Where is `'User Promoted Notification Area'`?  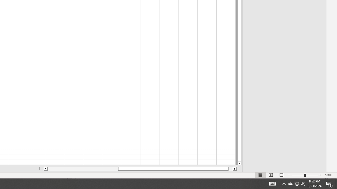 'User Promoted Notification Area' is located at coordinates (297, 183).